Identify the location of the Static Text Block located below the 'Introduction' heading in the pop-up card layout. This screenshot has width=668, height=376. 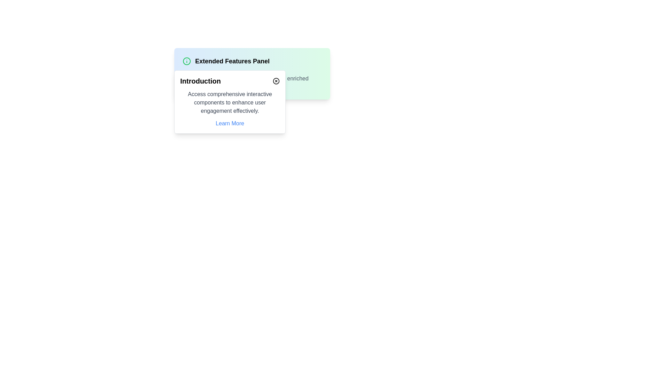
(230, 102).